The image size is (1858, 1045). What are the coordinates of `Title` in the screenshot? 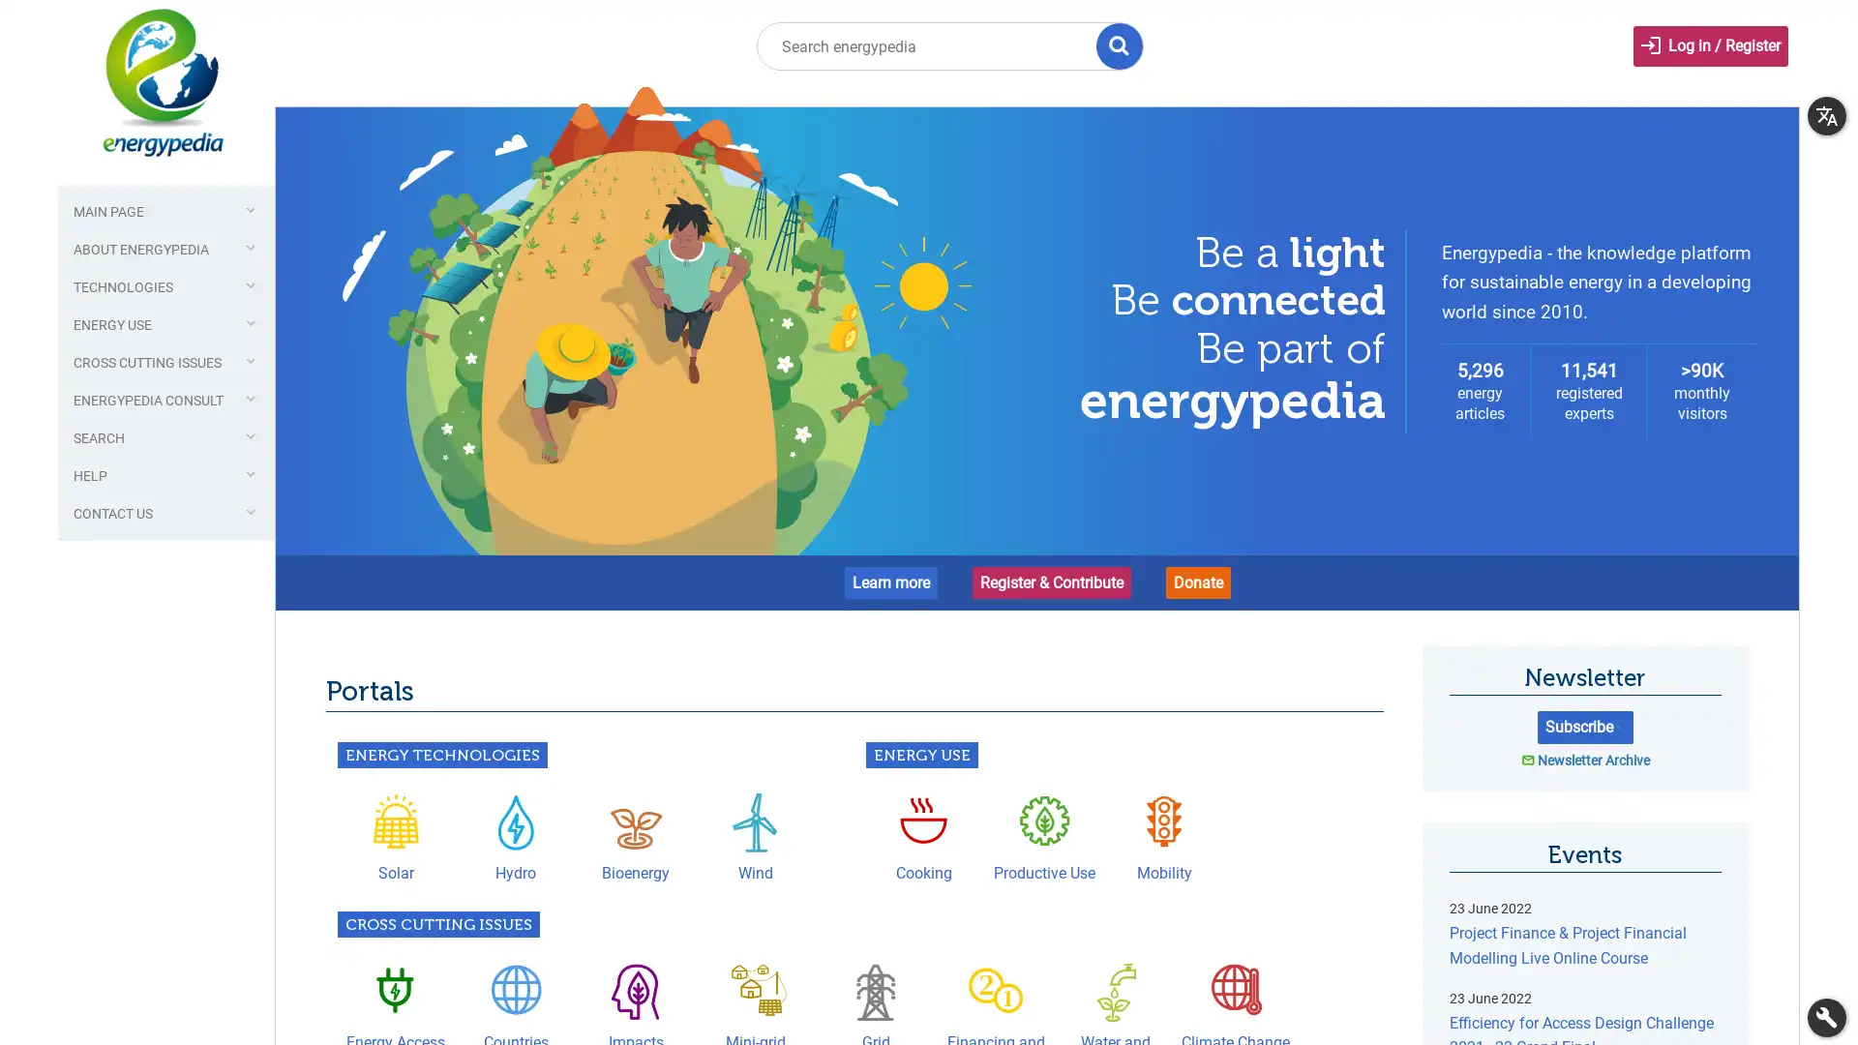 It's located at (1119, 45).